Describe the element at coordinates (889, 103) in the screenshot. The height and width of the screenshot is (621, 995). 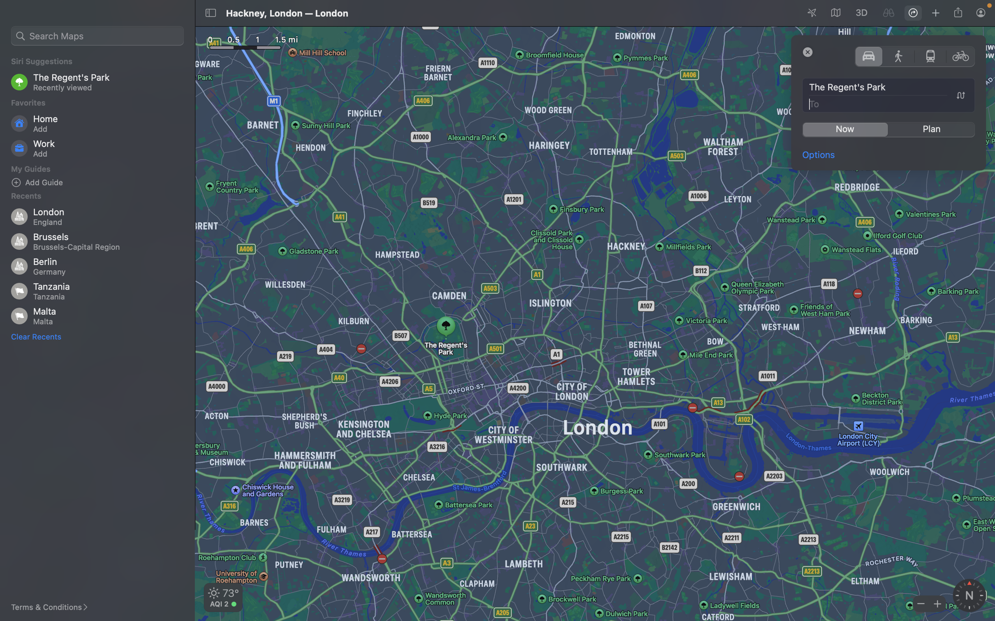
I see `"Big Ben" as the location to reach` at that location.